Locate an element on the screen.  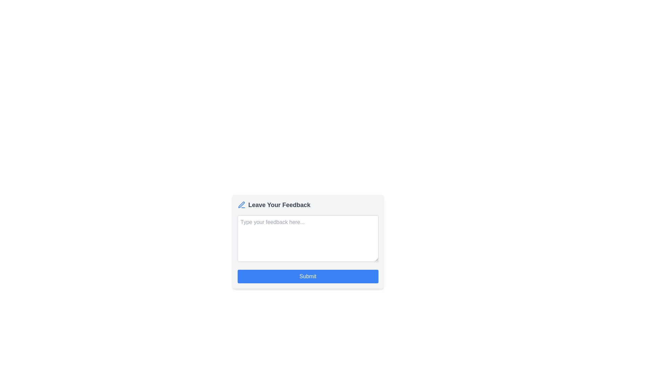
the main label for the feedback form, which is located above the input field and to the right of a blue pen icon is located at coordinates (279, 205).